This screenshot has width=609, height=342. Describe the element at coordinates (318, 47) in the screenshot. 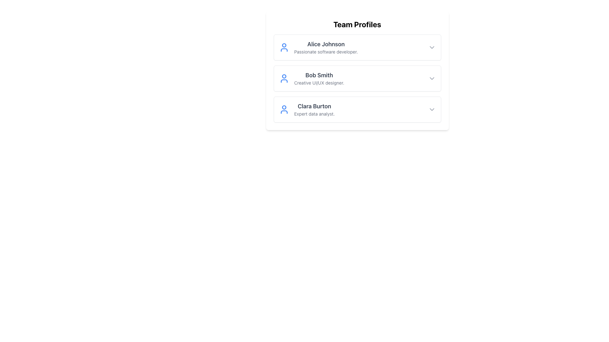

I see `the Profile Card representing 'Alice Johnson', which includes a blue user silhouette icon and descriptive text about her as the first item in the 'Team Profiles' section` at that location.